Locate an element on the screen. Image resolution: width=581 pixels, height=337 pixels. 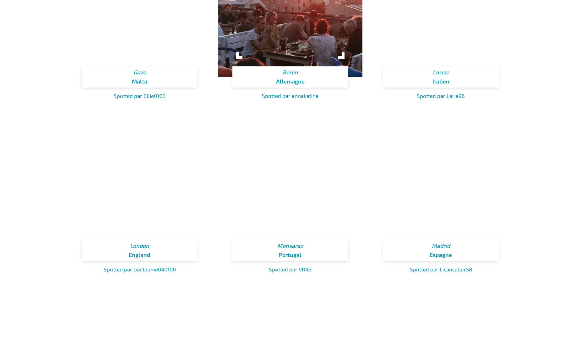
'London' is located at coordinates (139, 245).